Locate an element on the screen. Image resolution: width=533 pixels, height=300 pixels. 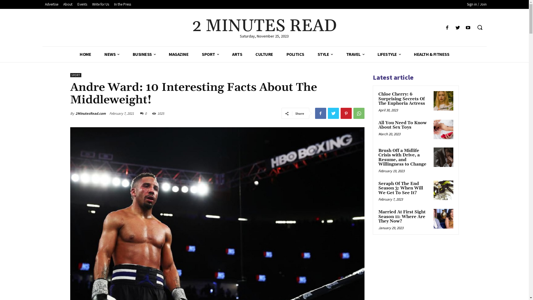
'2 MINUTES READ' is located at coordinates (264, 26).